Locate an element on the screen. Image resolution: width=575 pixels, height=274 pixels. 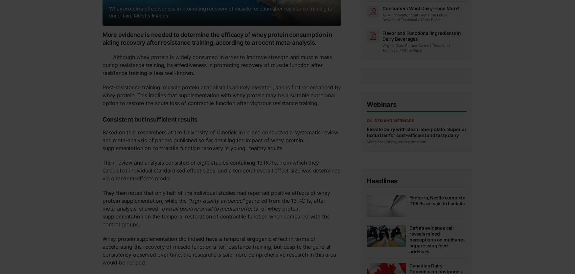
'Although whey protein is widely consumed in order to improve strength and muscle mass during resistance training, its effectiveness in promoting recovery of muscle function after resistance training is less well-known.' is located at coordinates (102, 65).